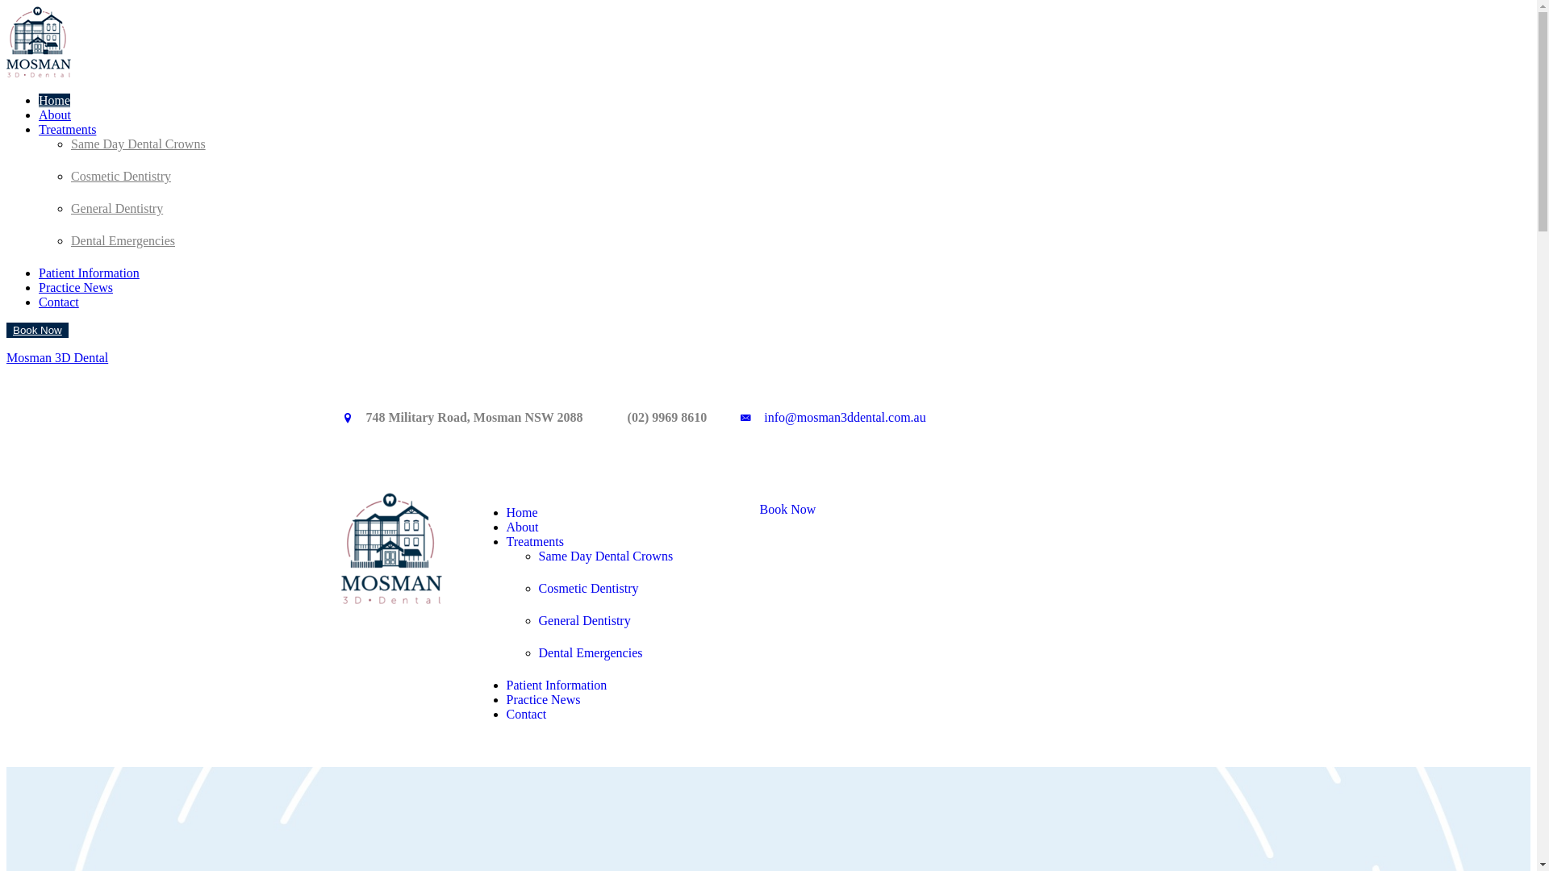 This screenshot has height=871, width=1549. I want to click on 'Book Now', so click(739, 510).